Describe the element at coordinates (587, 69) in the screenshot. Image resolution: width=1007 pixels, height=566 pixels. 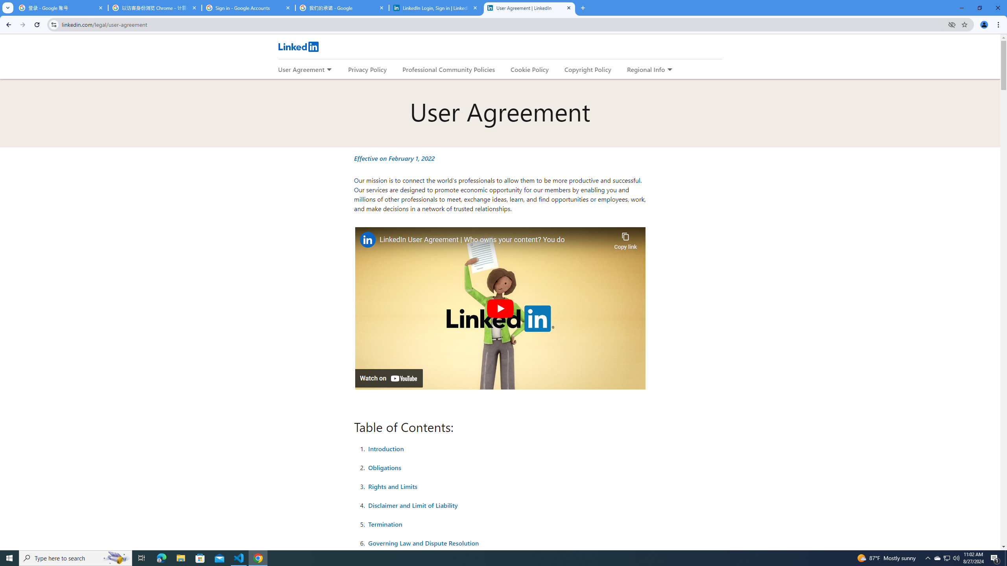
I see `'Copyright Policy'` at that location.